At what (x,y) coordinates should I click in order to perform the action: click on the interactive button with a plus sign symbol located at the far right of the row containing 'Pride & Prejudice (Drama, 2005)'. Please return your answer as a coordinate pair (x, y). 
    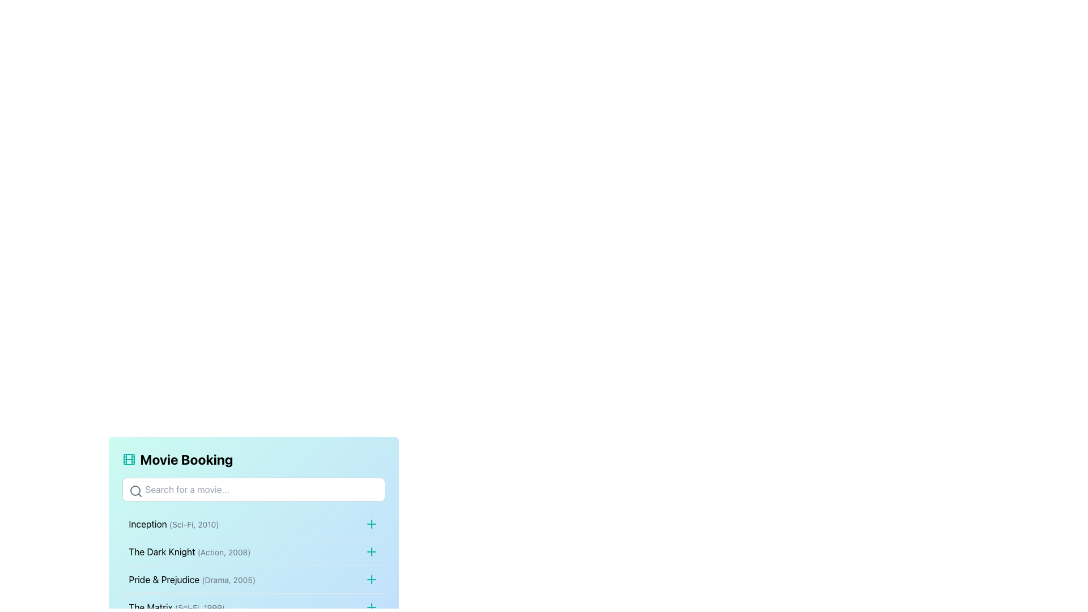
    Looking at the image, I should click on (371, 579).